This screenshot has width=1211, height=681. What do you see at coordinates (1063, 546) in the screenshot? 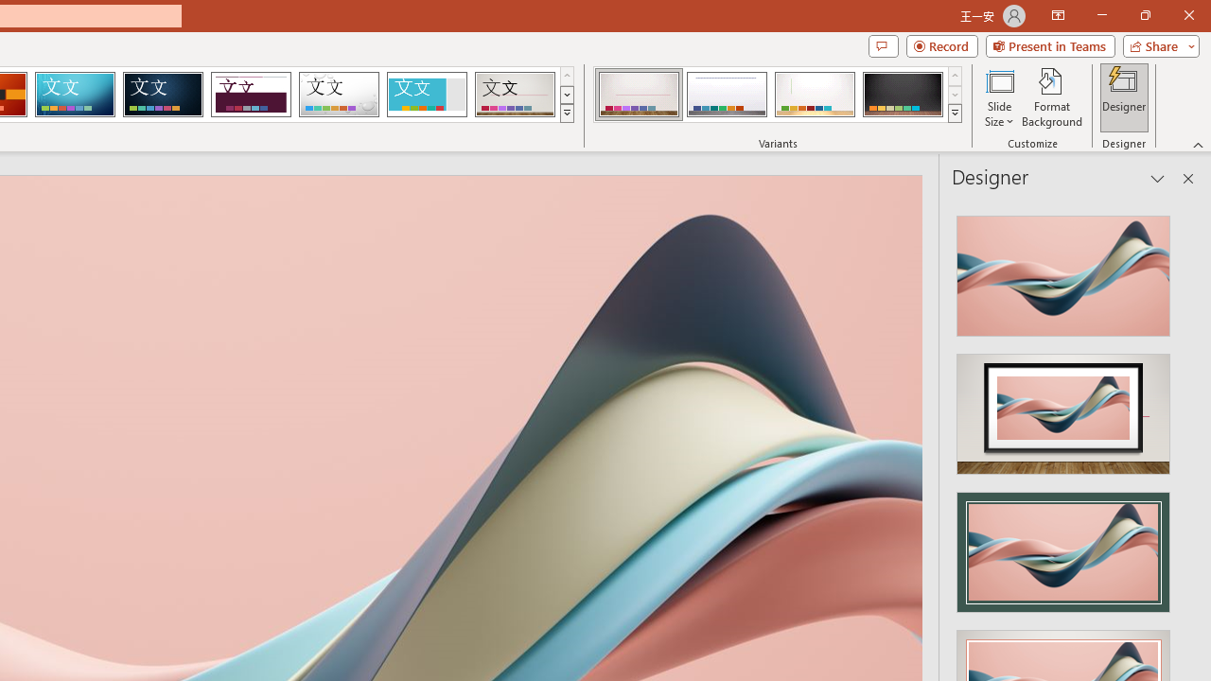
I see `'Design Idea'` at bounding box center [1063, 546].